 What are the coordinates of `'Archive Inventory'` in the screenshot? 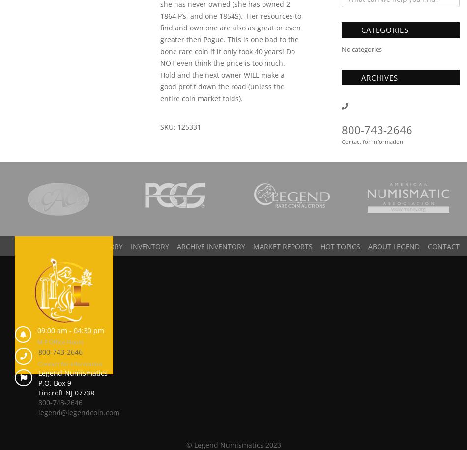 It's located at (210, 246).